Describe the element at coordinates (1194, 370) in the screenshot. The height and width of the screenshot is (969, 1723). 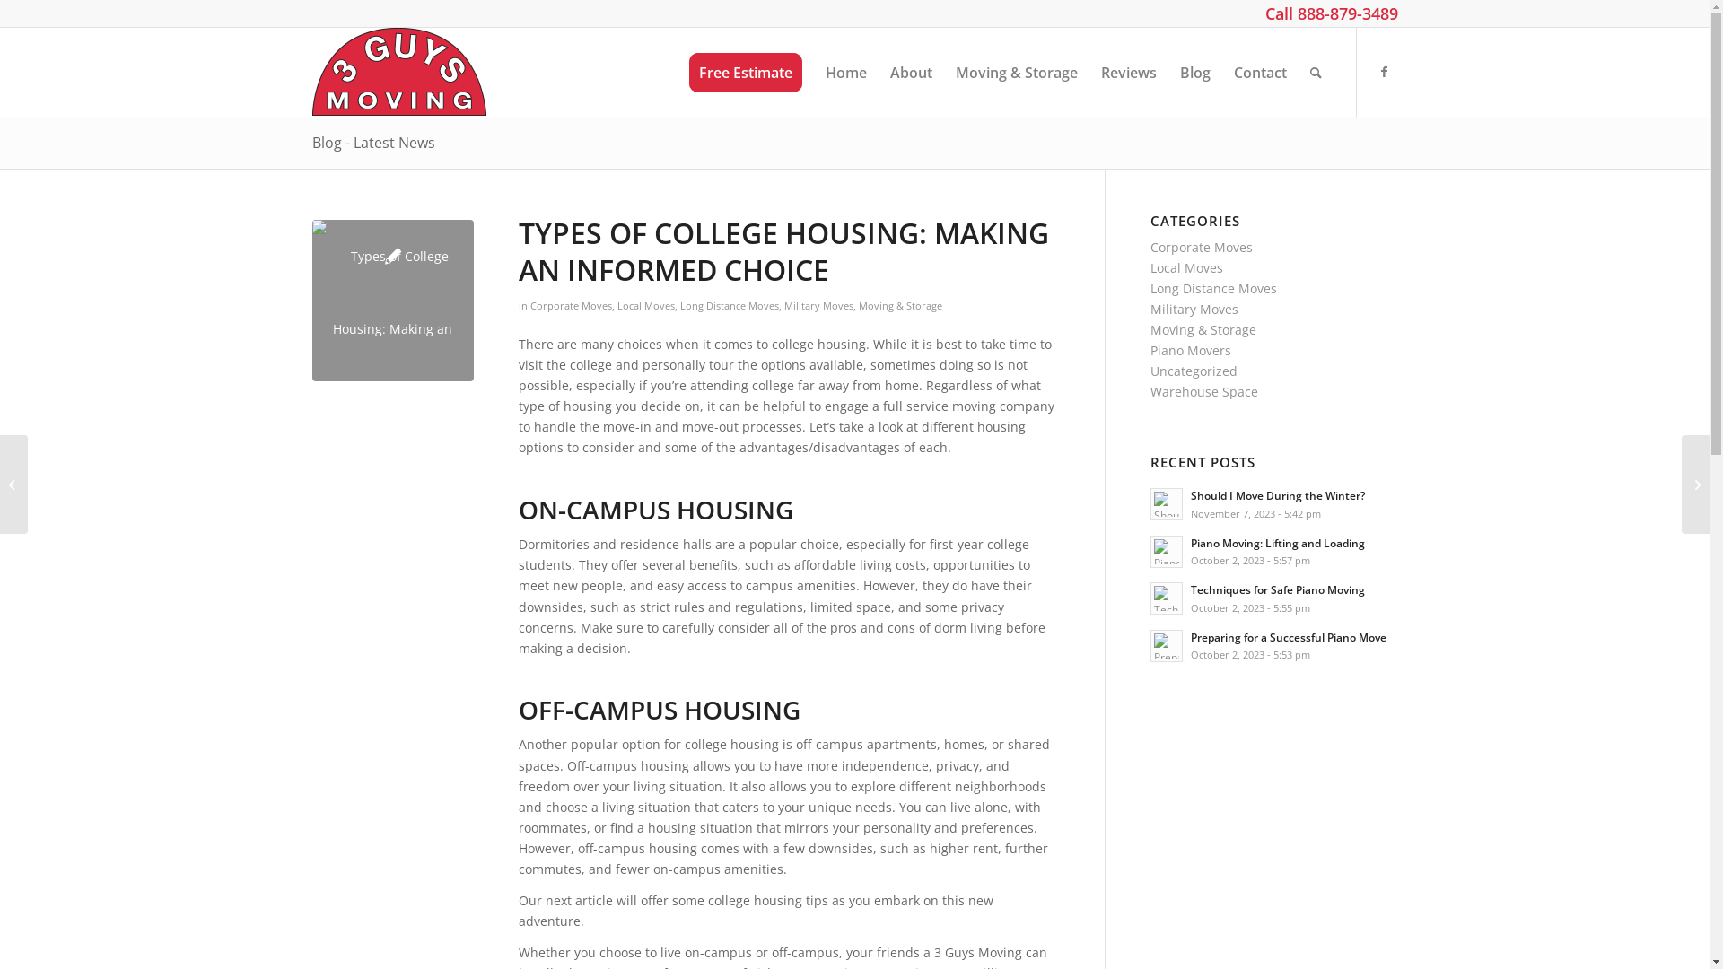
I see `'Uncategorized'` at that location.